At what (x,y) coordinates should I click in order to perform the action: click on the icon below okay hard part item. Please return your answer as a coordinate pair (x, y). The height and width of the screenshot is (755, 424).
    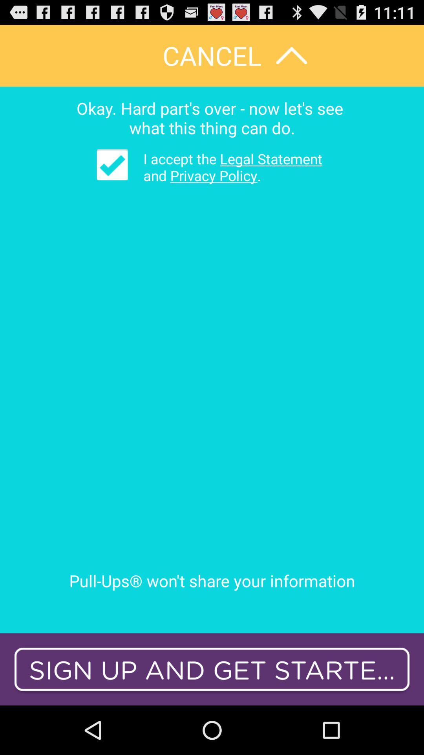
    Looking at the image, I should click on (112, 164).